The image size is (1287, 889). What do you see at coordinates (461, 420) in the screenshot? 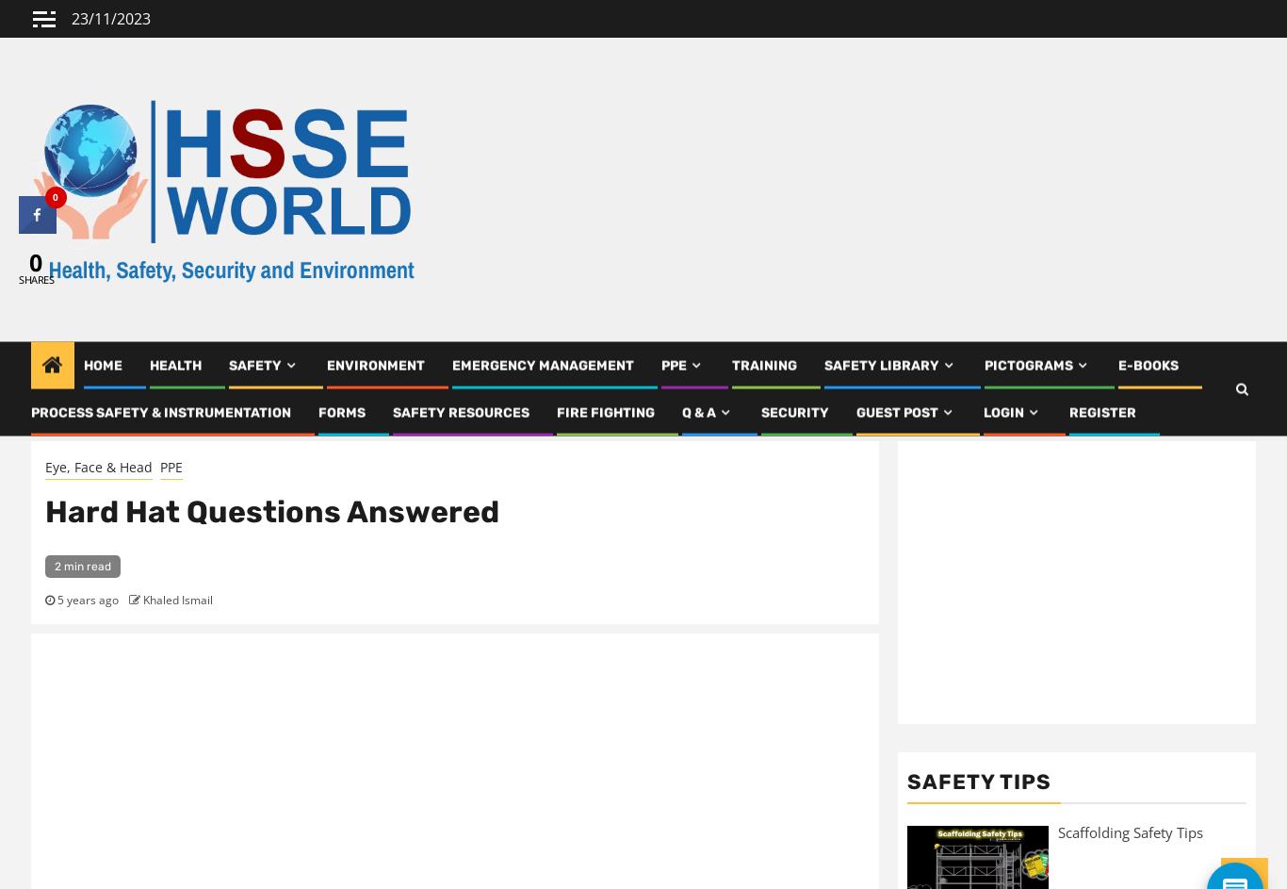
I see `'Safety Resources'` at bounding box center [461, 420].